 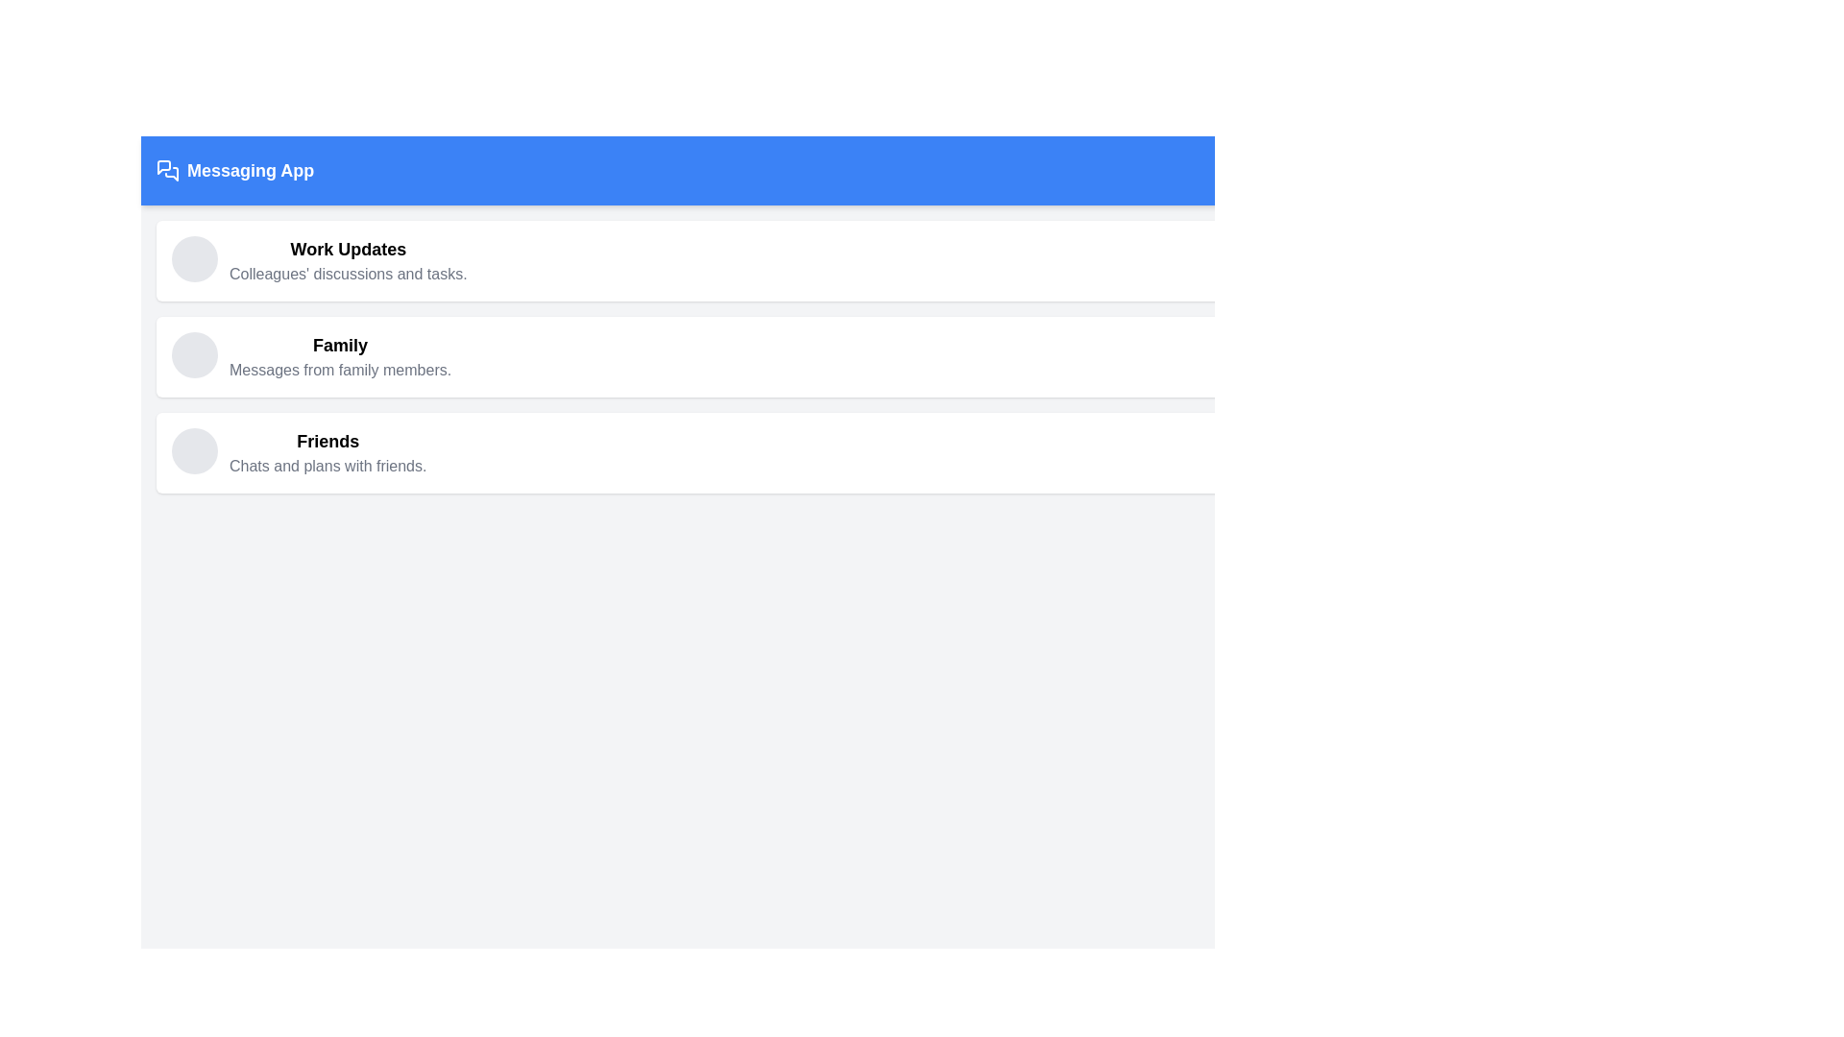 What do you see at coordinates (340, 344) in the screenshot?
I see `the text label displaying 'Family' in bold font, which serves as the main heading above the messages from family members` at bounding box center [340, 344].